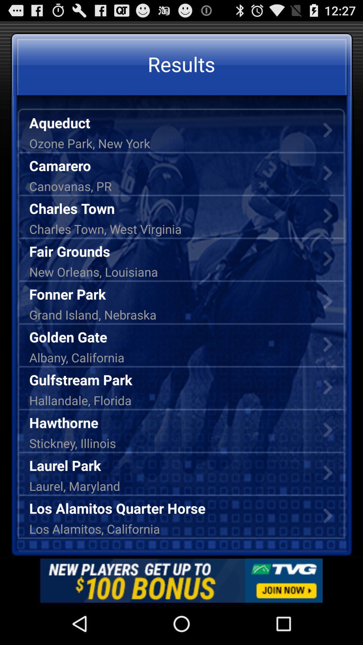 The width and height of the screenshot is (363, 645). I want to click on opens advertisement, so click(182, 580).